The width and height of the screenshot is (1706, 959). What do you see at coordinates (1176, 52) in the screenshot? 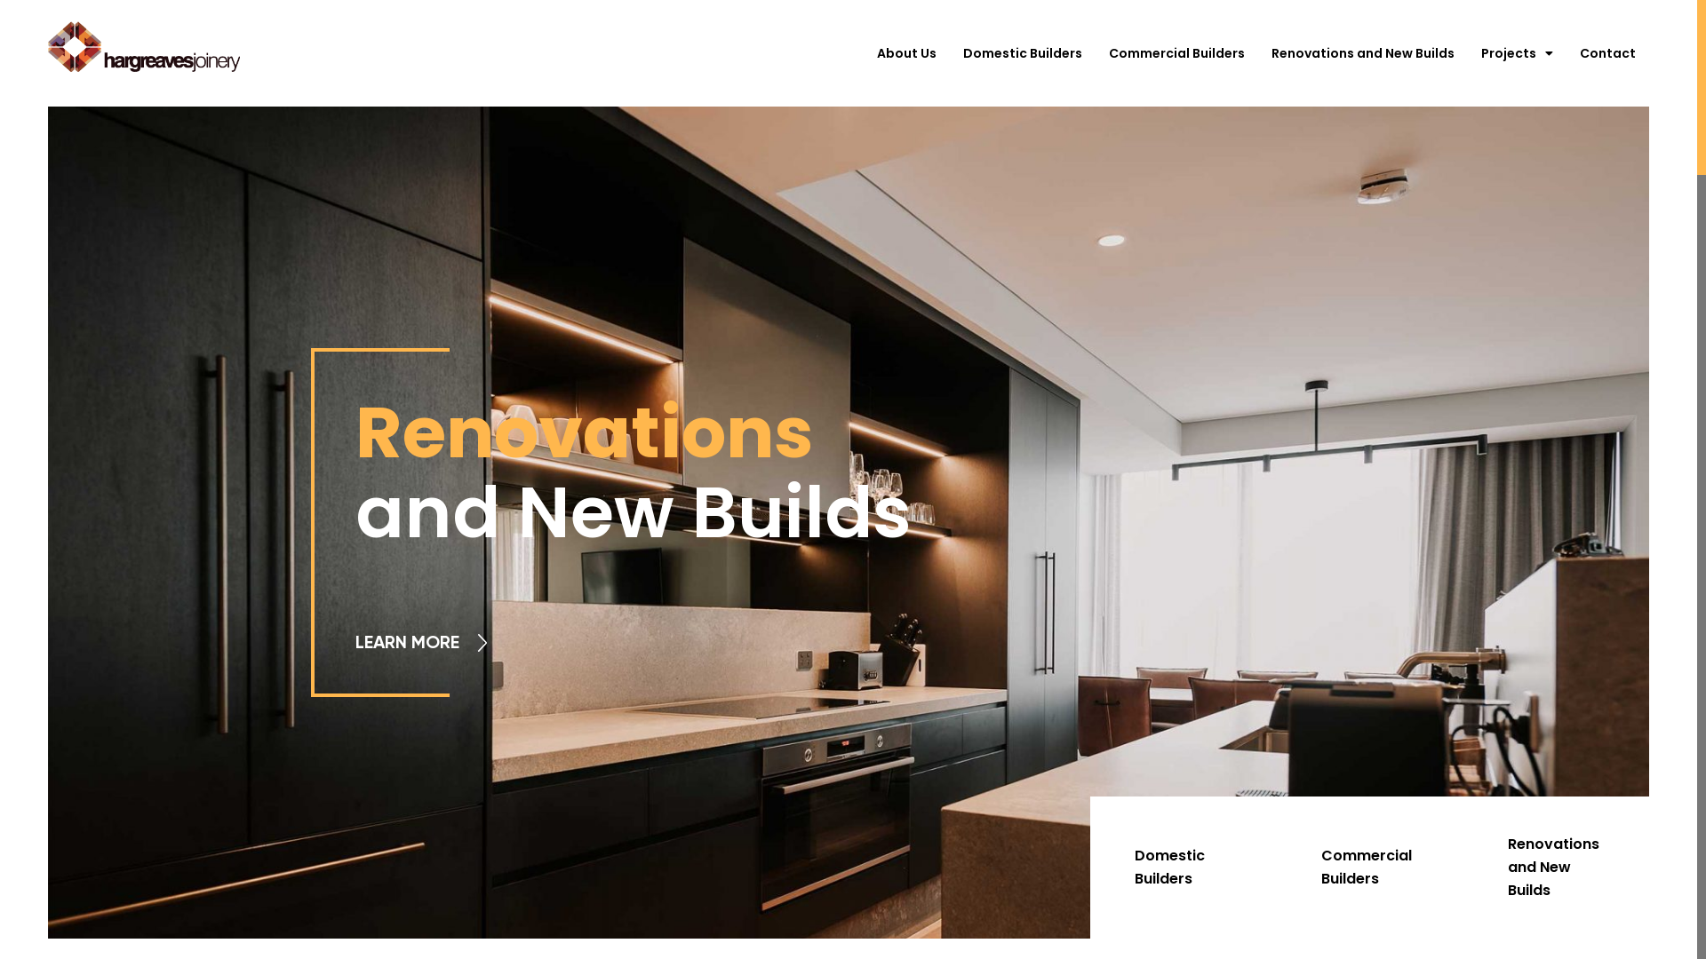
I see `'Commercial Builders'` at bounding box center [1176, 52].